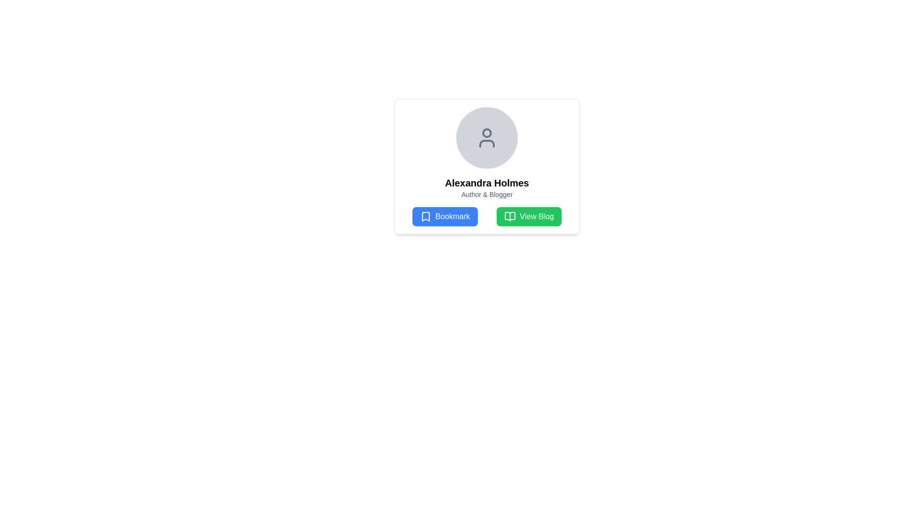  What do you see at coordinates (487, 195) in the screenshot?
I see `the text label that indicates the role 'Author & Blogger', located below 'Alexandra Holmes' and above the 'Bookmark' and 'View Blog' buttons in the central profile card` at bounding box center [487, 195].